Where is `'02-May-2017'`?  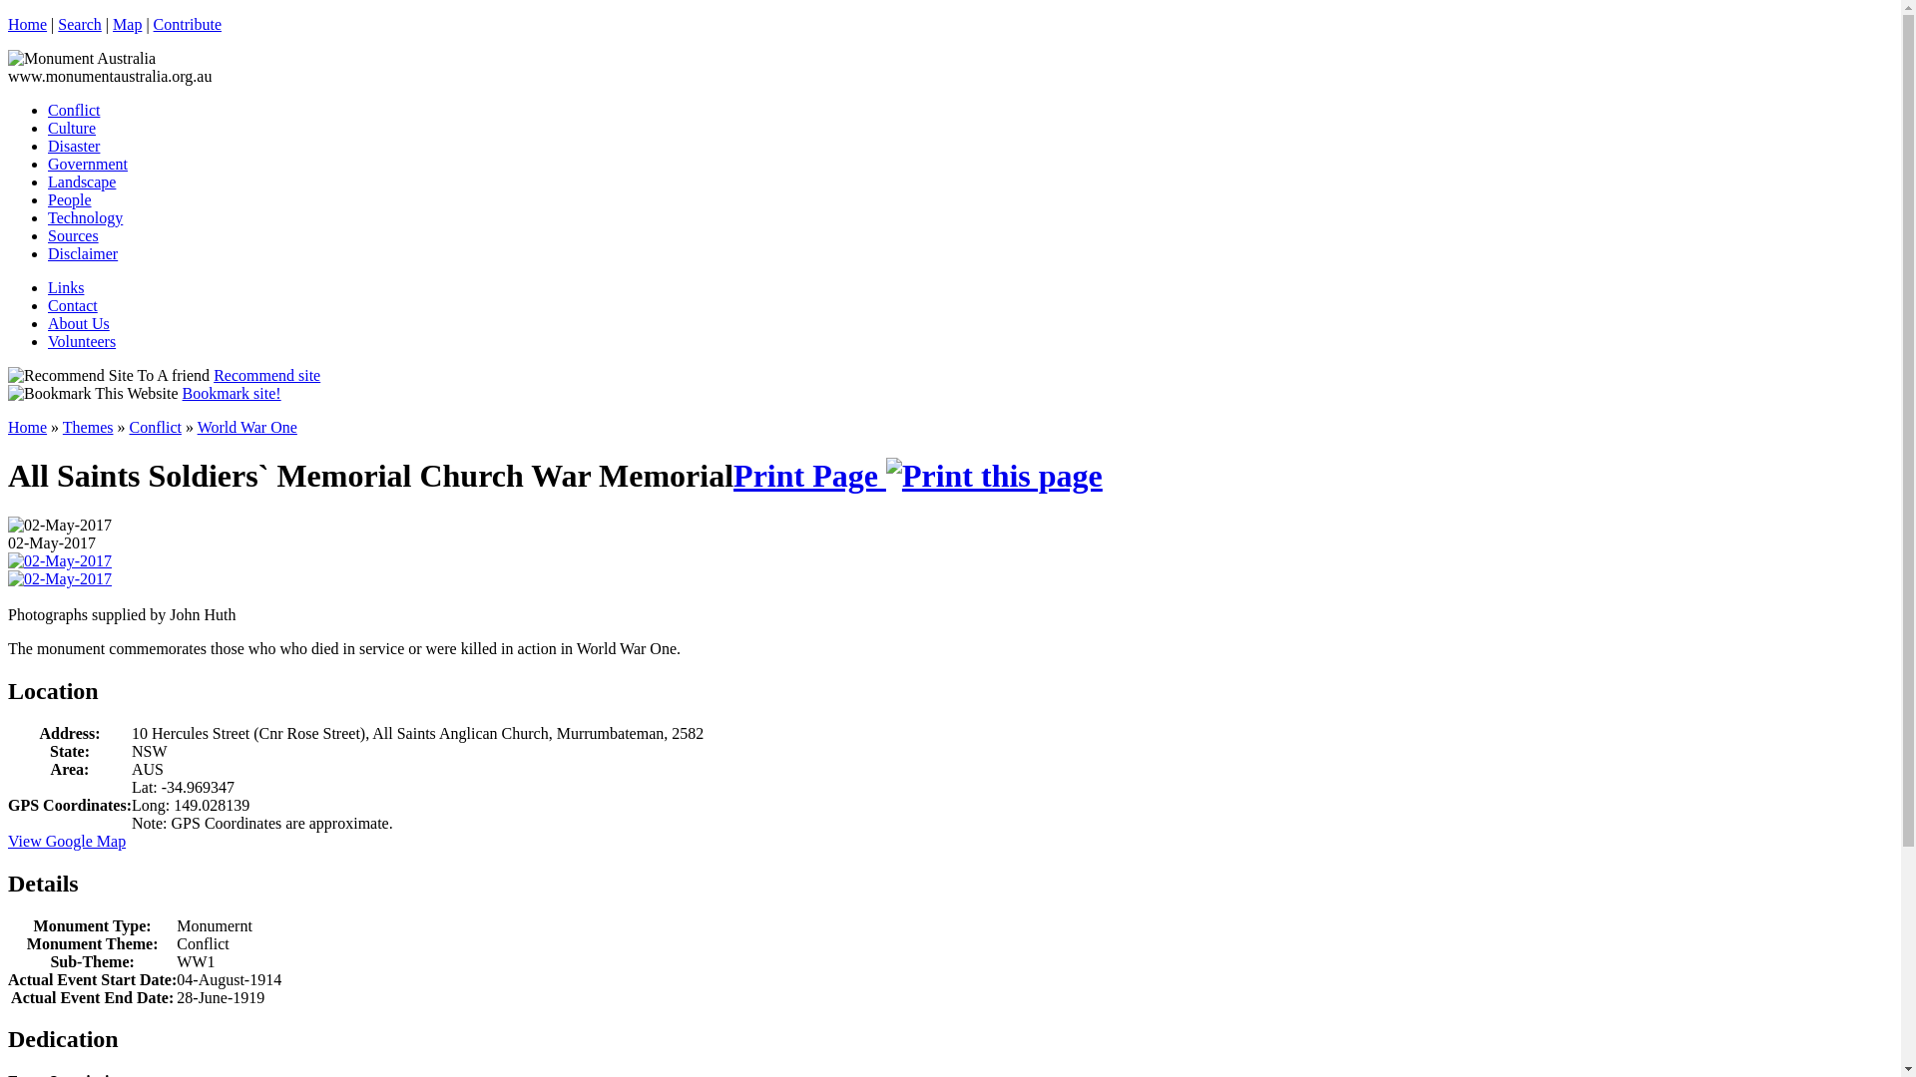 '02-May-2017' is located at coordinates (59, 525).